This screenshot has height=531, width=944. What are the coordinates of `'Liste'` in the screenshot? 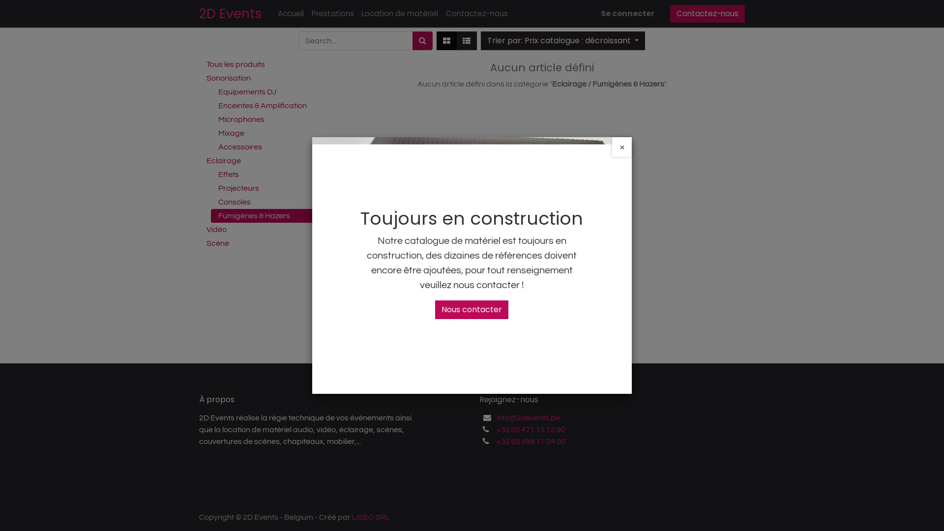 It's located at (466, 40).